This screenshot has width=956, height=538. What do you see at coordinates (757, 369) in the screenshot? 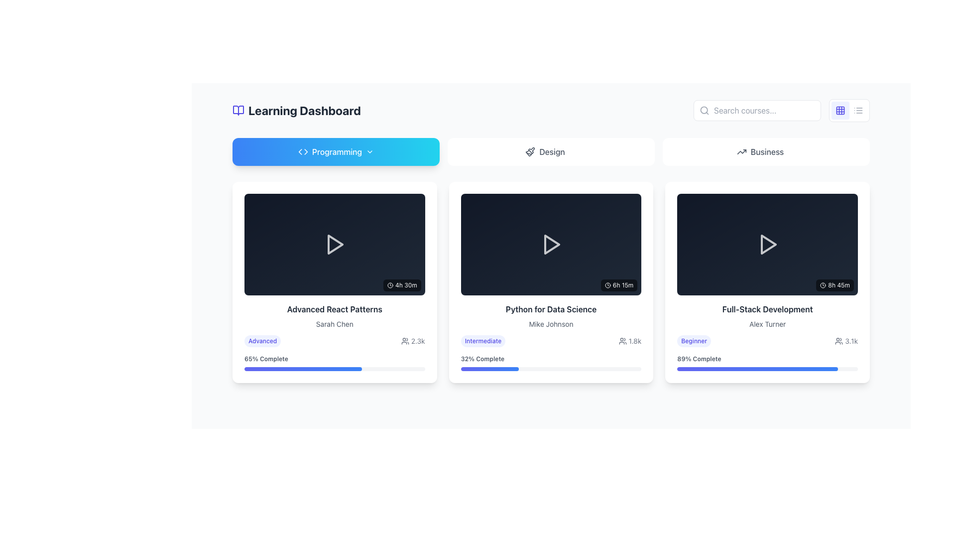
I see `the progress displayed by the progress bar indicating 89% completion of the 'Full-Stack Development' course located in the third course card` at bounding box center [757, 369].